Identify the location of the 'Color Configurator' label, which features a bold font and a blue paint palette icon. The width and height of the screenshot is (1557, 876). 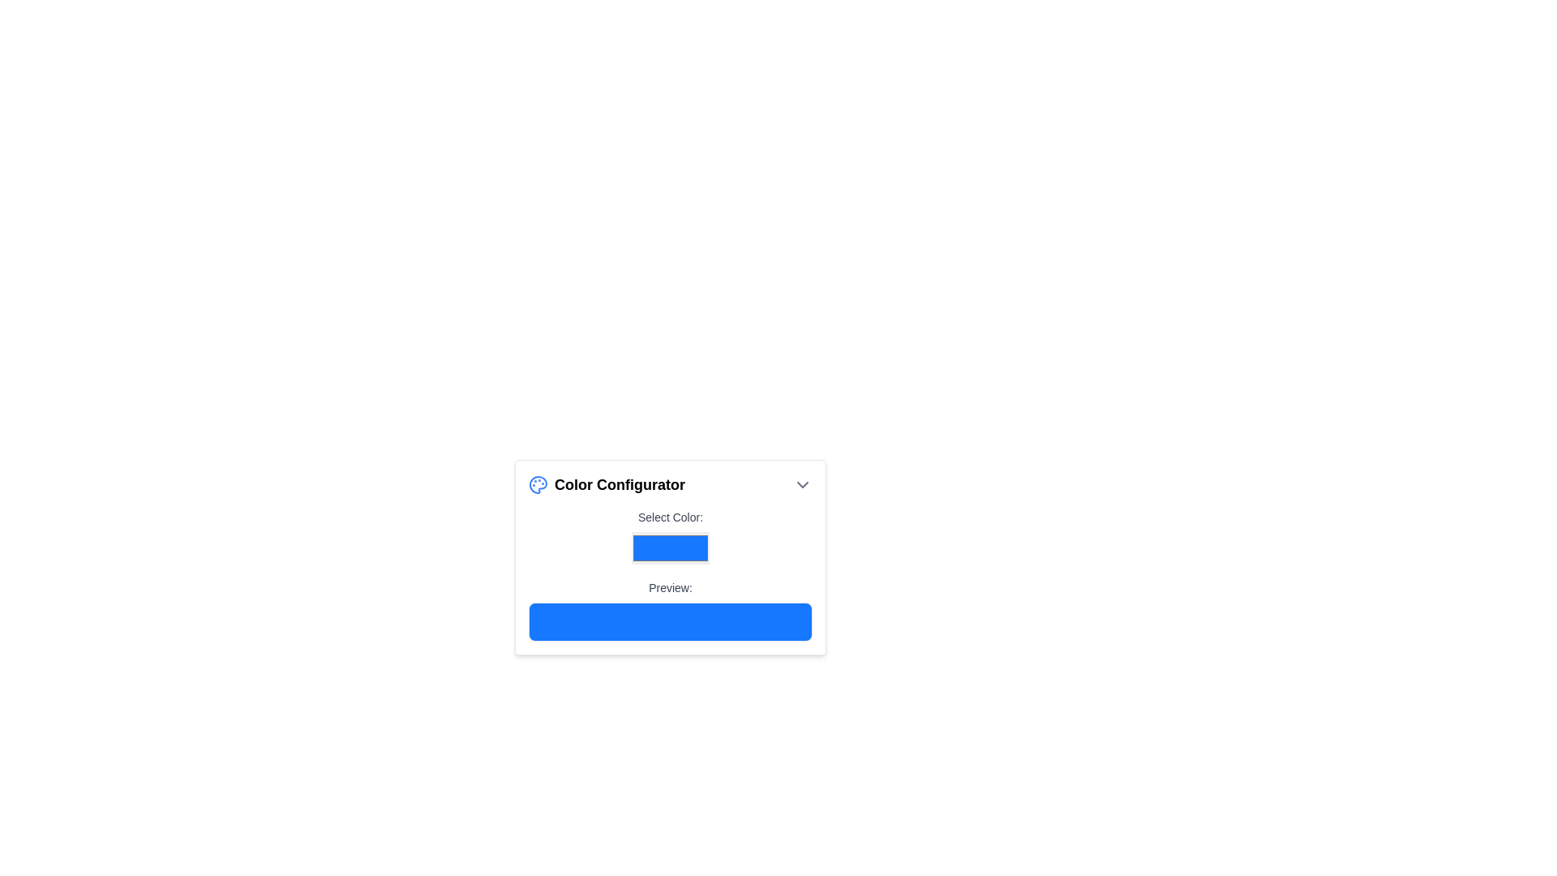
(670, 483).